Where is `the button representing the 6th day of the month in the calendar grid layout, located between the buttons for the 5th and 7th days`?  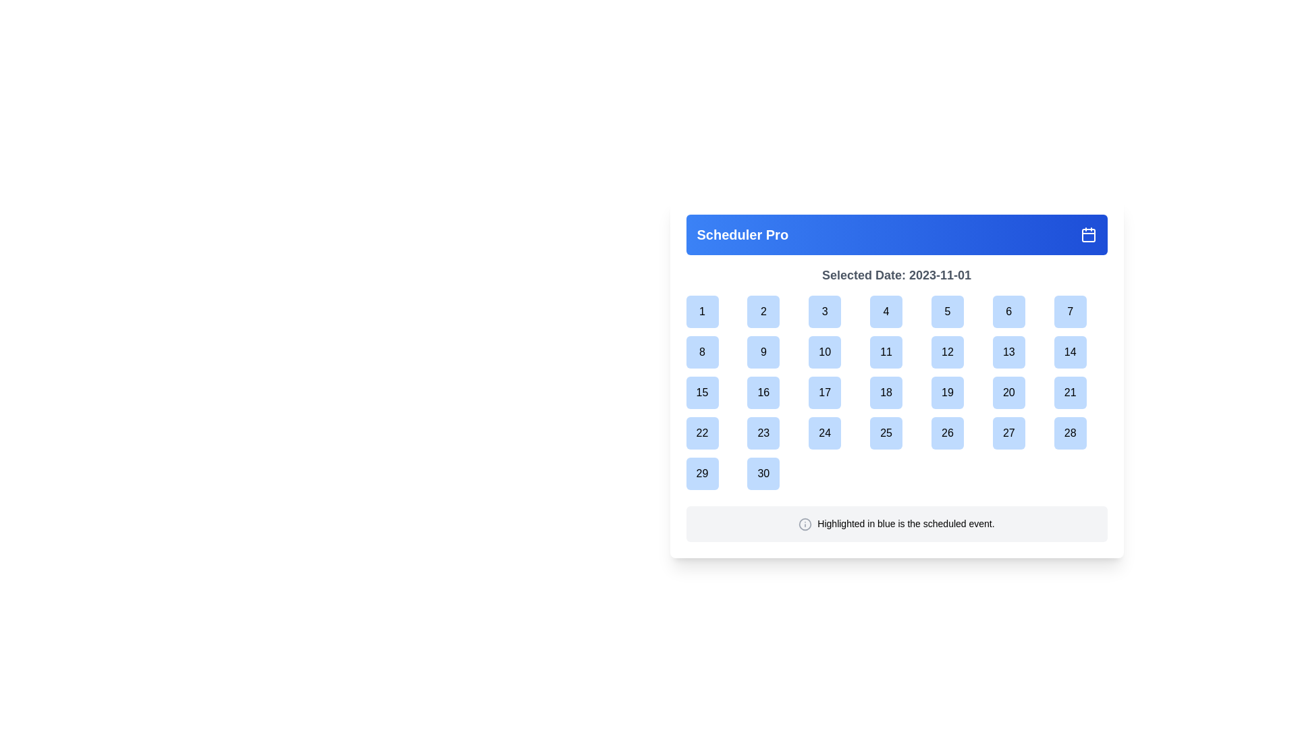
the button representing the 6th day of the month in the calendar grid layout, located between the buttons for the 5th and 7th days is located at coordinates (1008, 312).